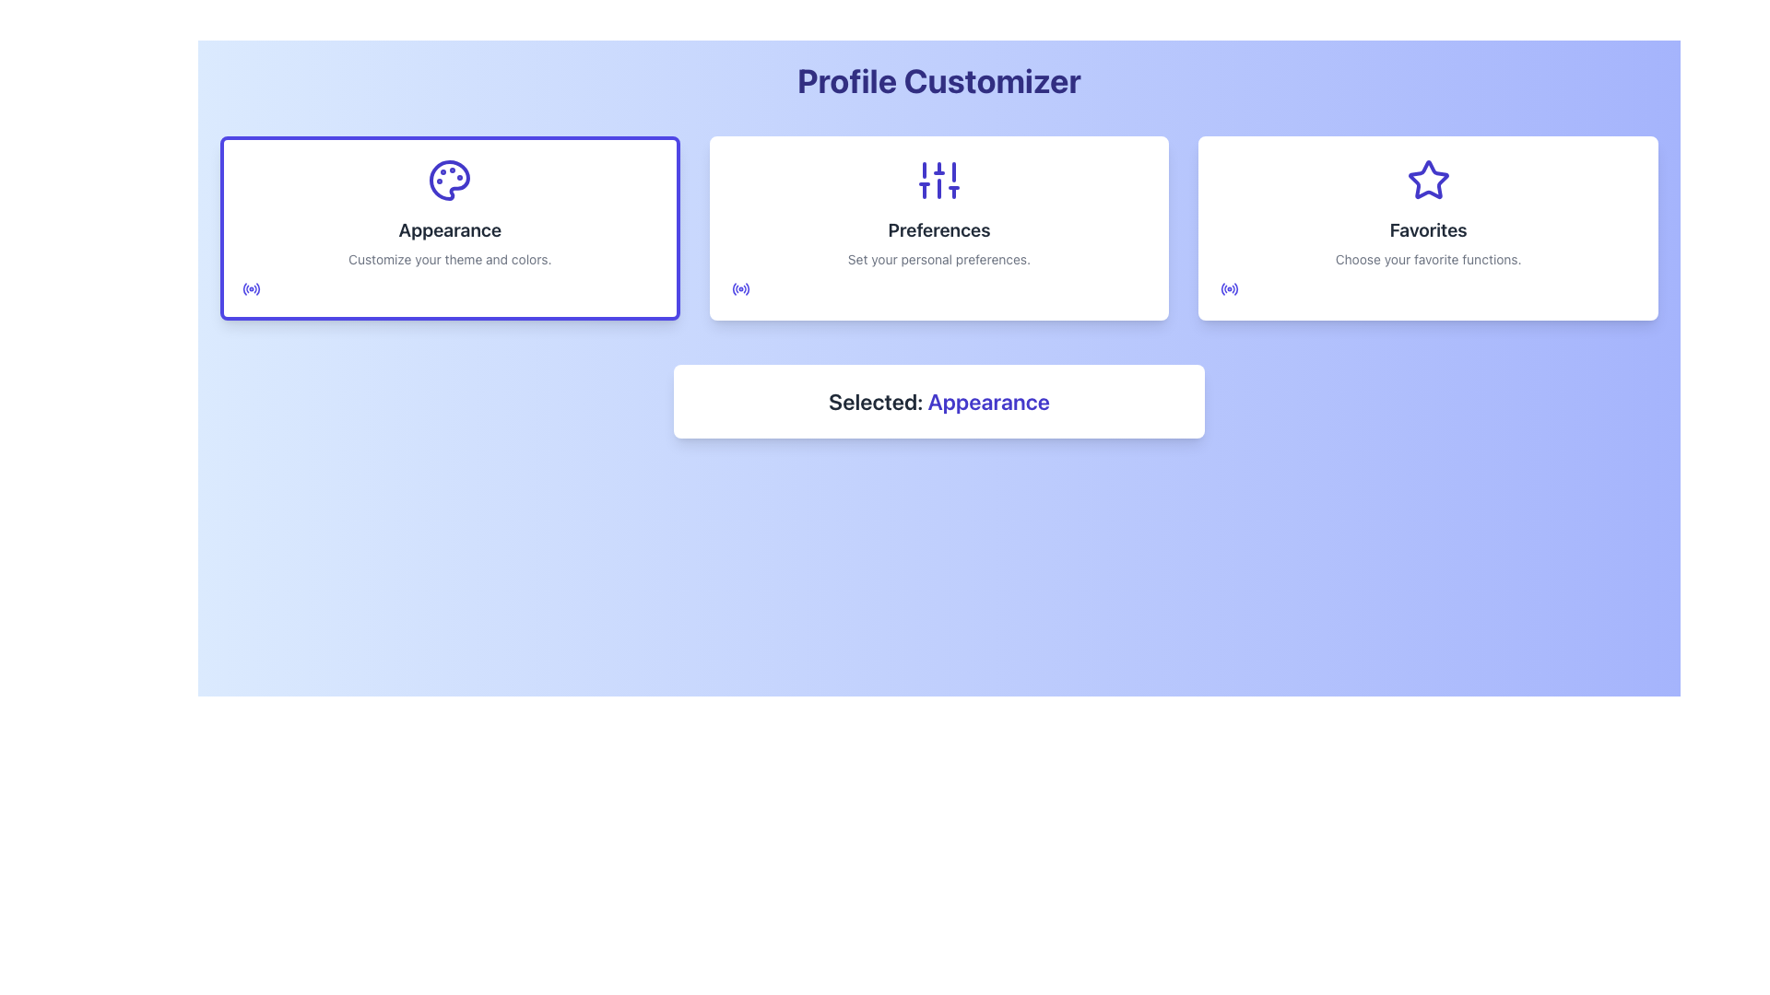  What do you see at coordinates (938, 400) in the screenshot?
I see `the Text Label that displays 'Selected: Appearance' in bold, large font with a blue color, located` at bounding box center [938, 400].